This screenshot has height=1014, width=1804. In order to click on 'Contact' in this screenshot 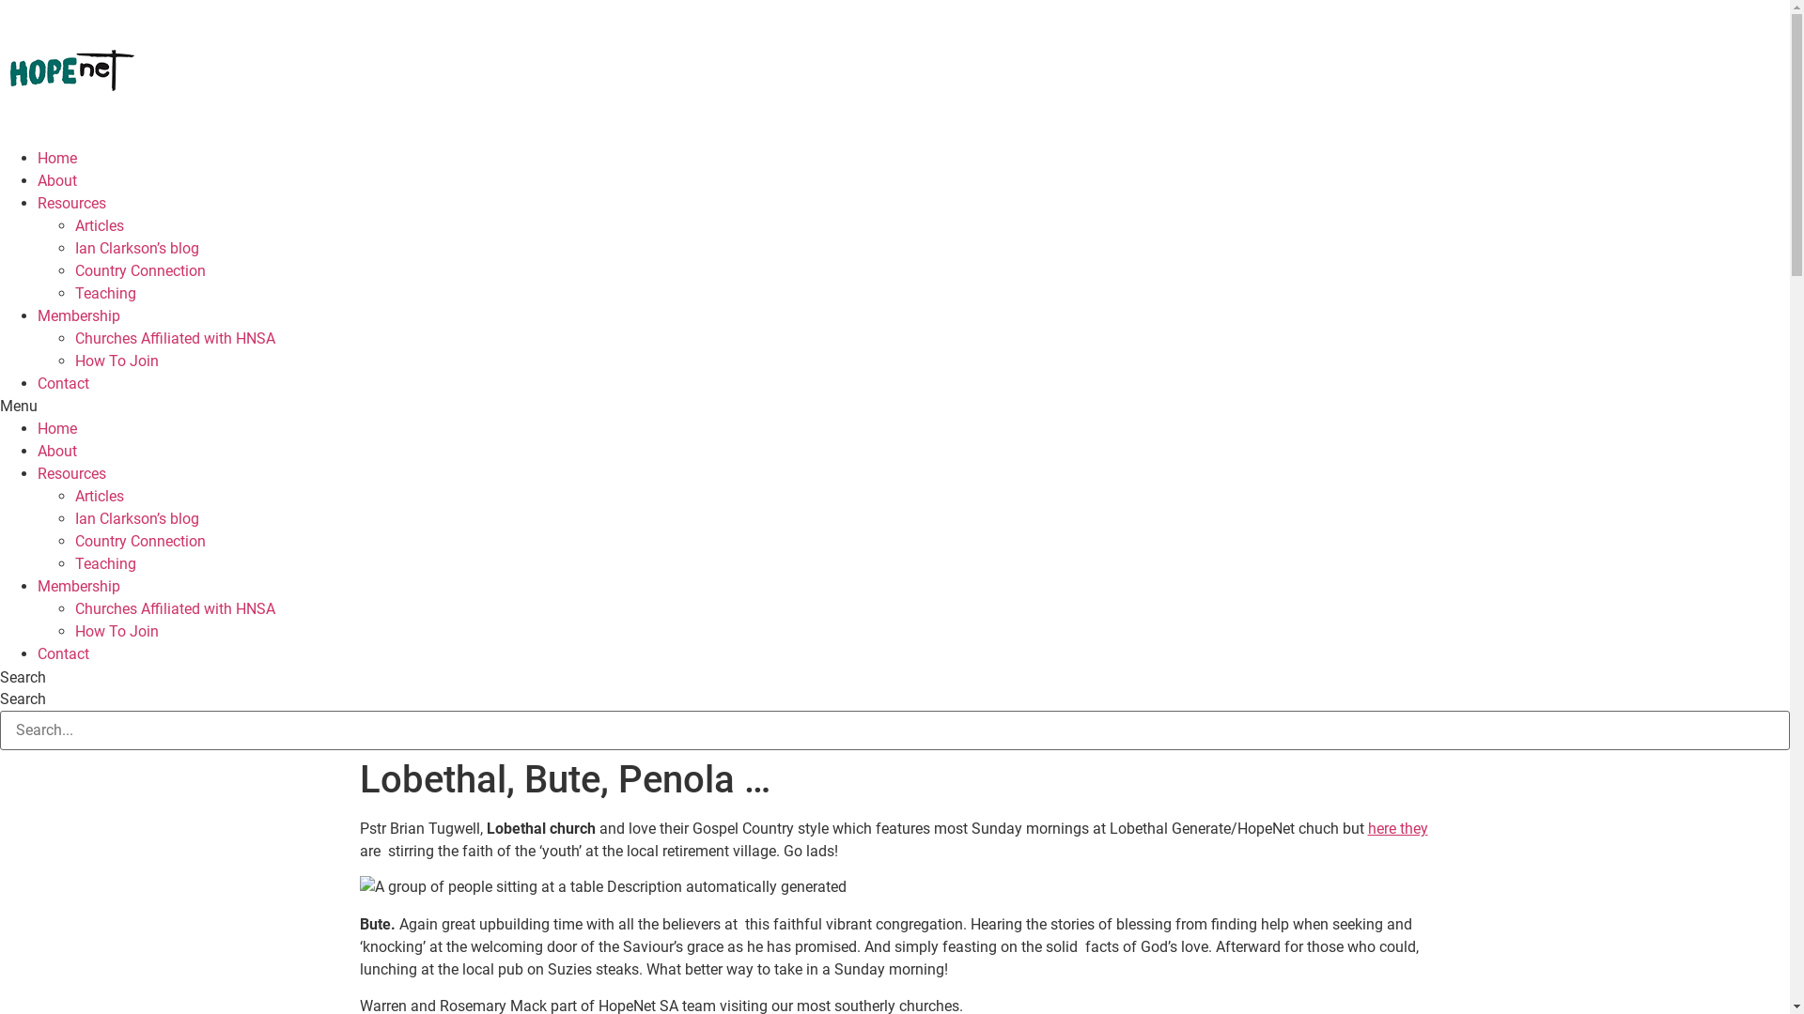, I will do `click(63, 653)`.